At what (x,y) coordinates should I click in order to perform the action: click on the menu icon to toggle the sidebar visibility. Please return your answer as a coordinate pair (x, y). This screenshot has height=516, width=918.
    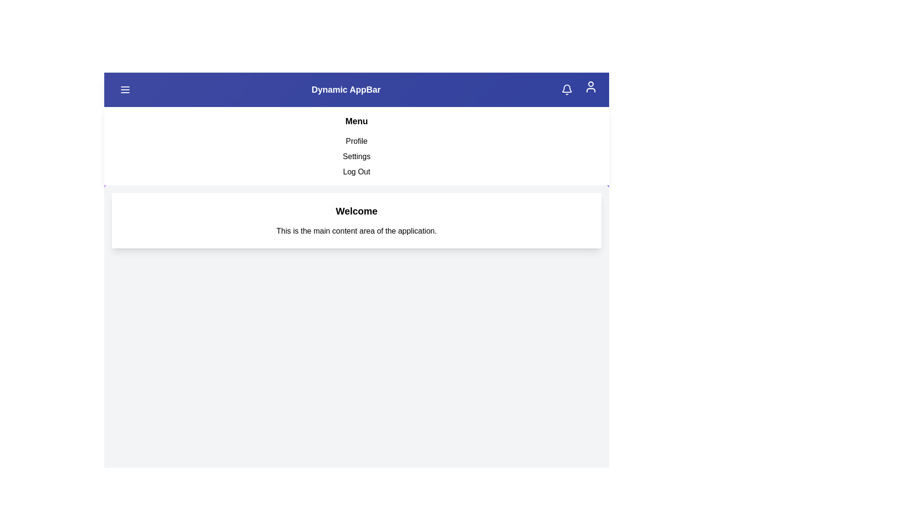
    Looking at the image, I should click on (125, 90).